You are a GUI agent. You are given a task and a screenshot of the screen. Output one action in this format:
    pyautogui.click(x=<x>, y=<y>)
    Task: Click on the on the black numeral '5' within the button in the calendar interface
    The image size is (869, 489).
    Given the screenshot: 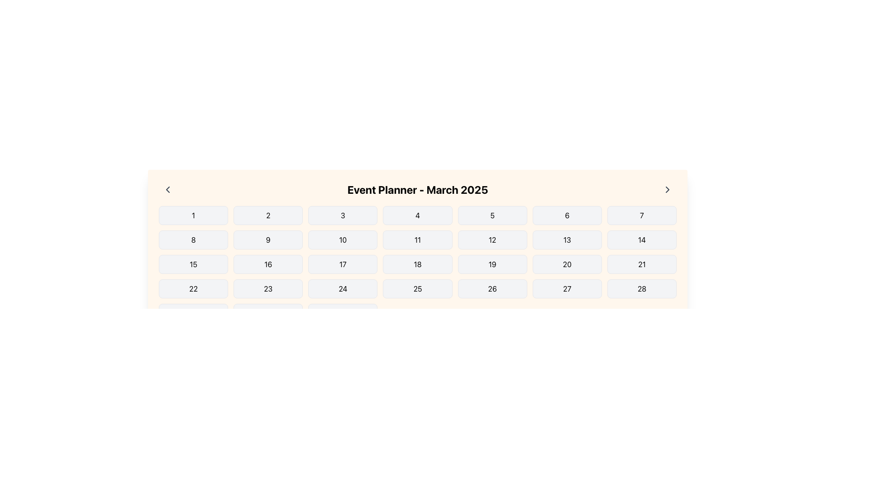 What is the action you would take?
    pyautogui.click(x=492, y=215)
    